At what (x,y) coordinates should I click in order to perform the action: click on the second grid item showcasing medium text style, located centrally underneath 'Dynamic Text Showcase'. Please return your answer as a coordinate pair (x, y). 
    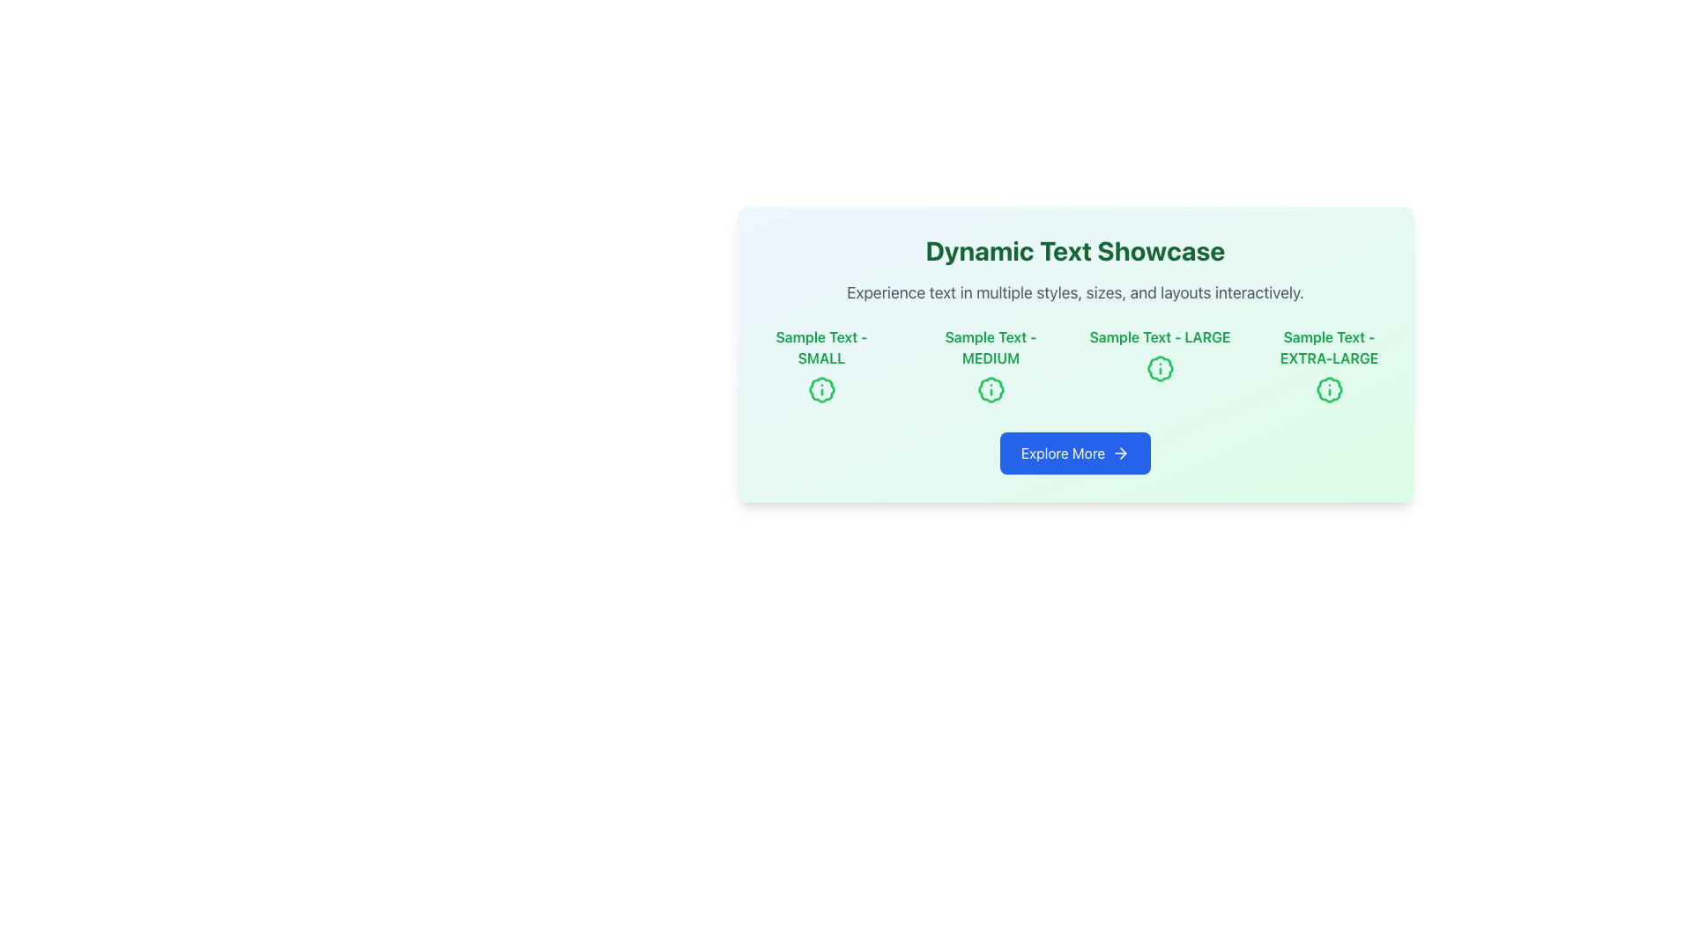
    Looking at the image, I should click on (991, 365).